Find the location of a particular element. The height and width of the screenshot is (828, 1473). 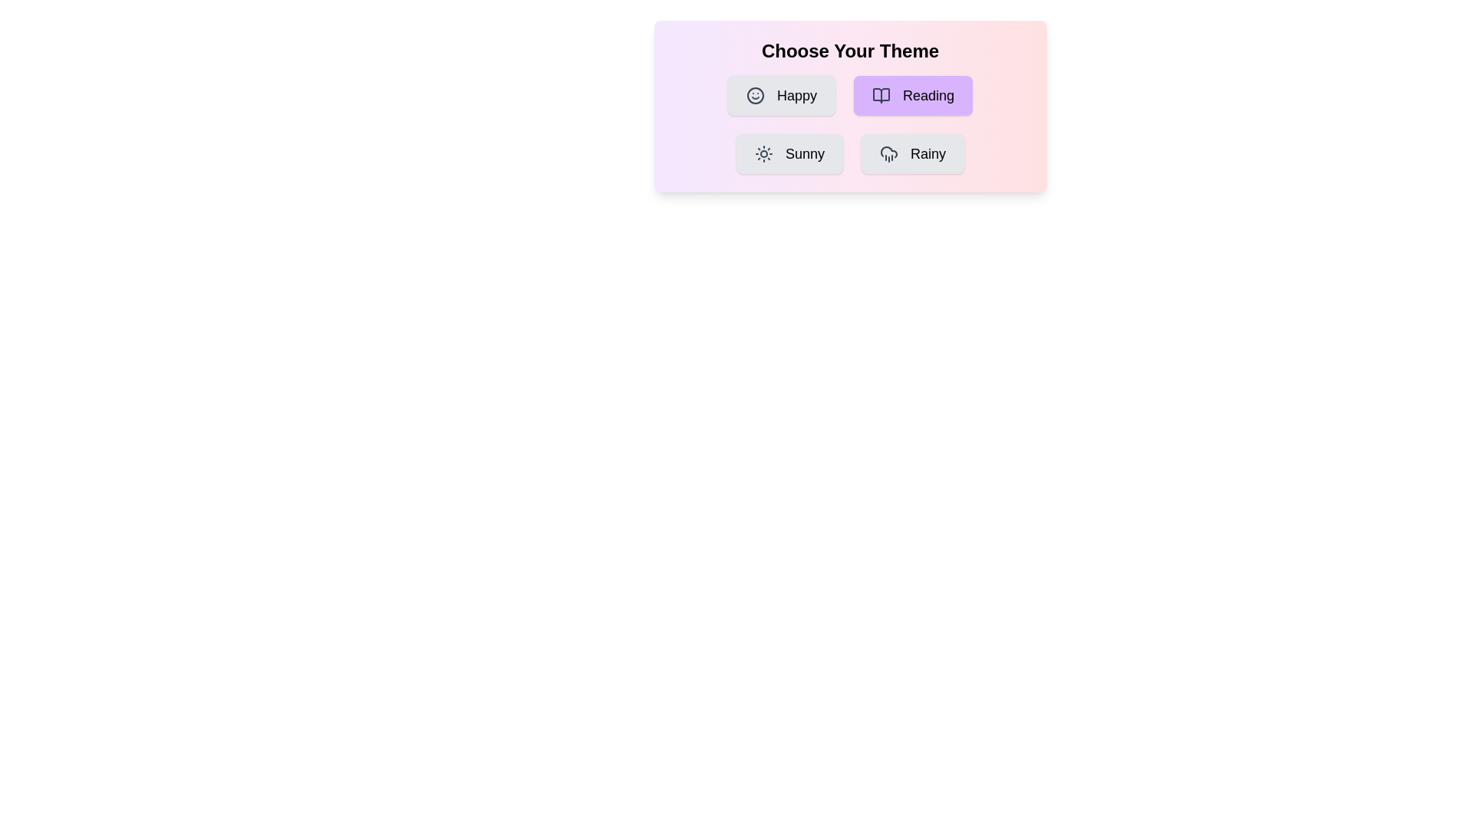

the theme Happy by clicking on its button is located at coordinates (781, 95).